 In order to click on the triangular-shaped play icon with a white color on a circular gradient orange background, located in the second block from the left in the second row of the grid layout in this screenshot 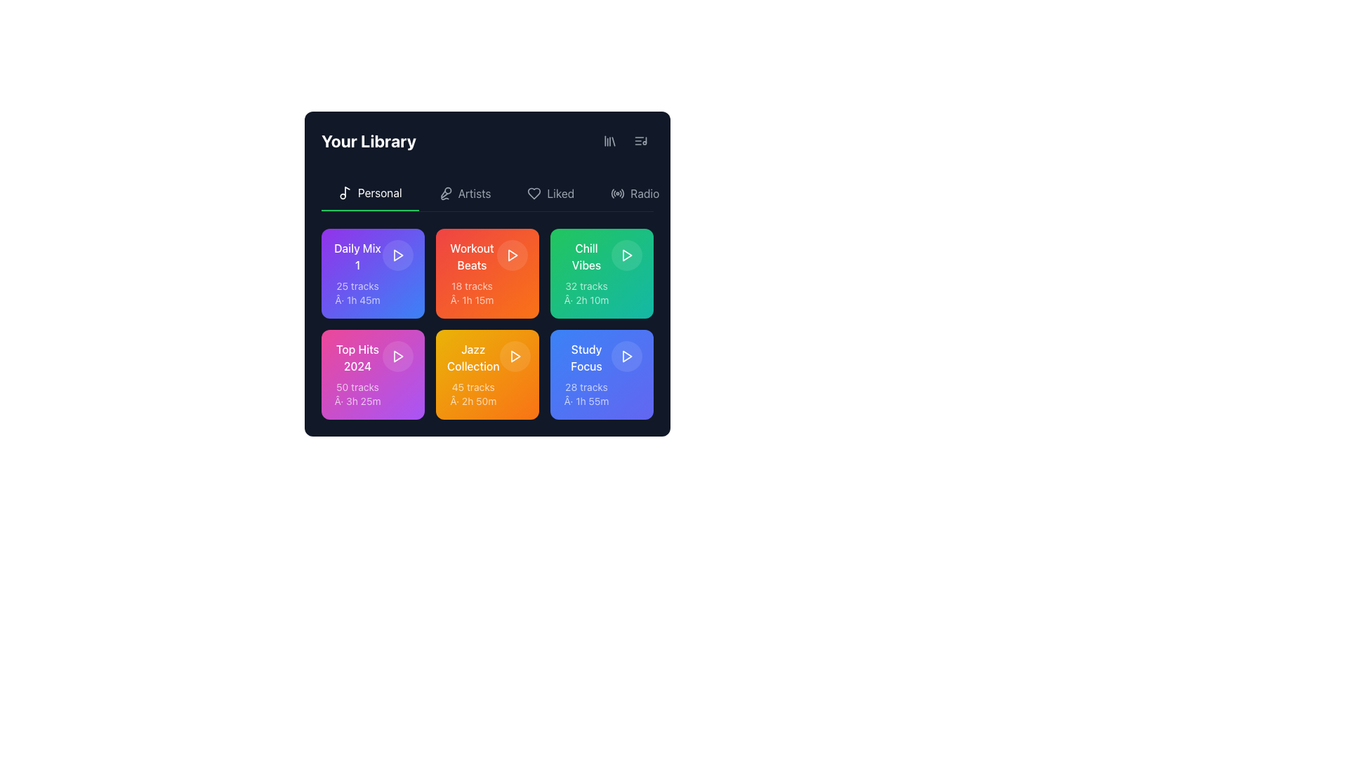, I will do `click(511, 255)`.